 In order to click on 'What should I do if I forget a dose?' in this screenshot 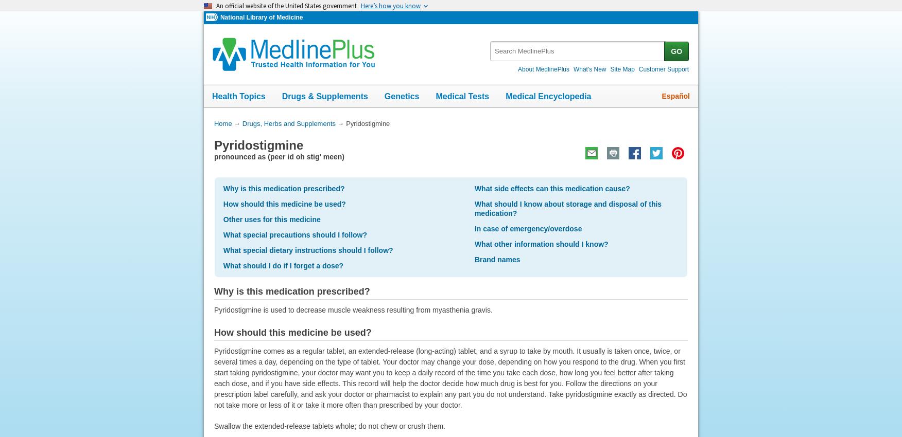, I will do `click(282, 265)`.